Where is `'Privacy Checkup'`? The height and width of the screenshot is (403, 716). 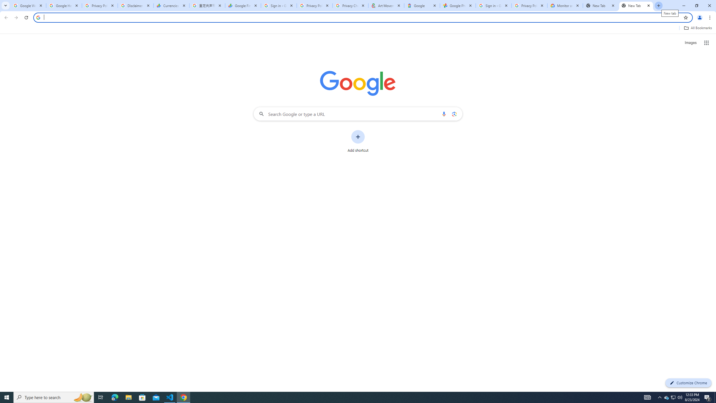 'Privacy Checkup' is located at coordinates (350, 5).